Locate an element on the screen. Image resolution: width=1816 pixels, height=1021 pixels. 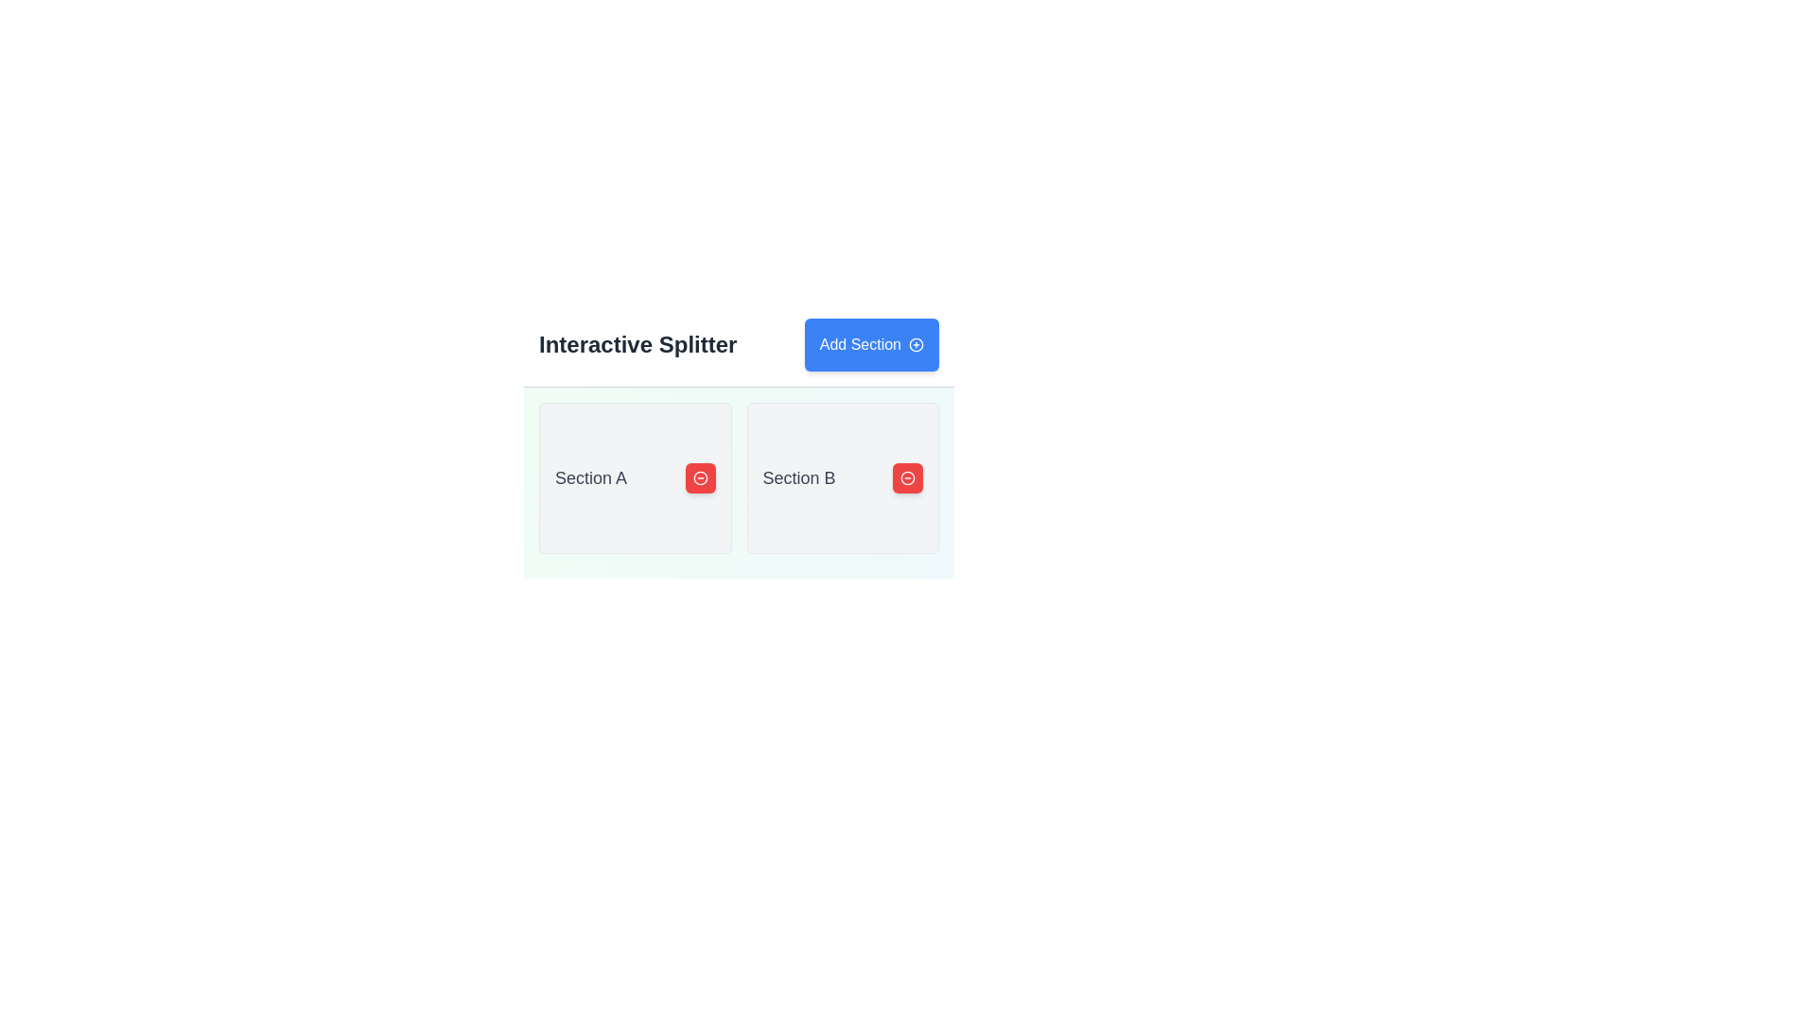
the button on the right side of 'Section B' is located at coordinates (908, 476).